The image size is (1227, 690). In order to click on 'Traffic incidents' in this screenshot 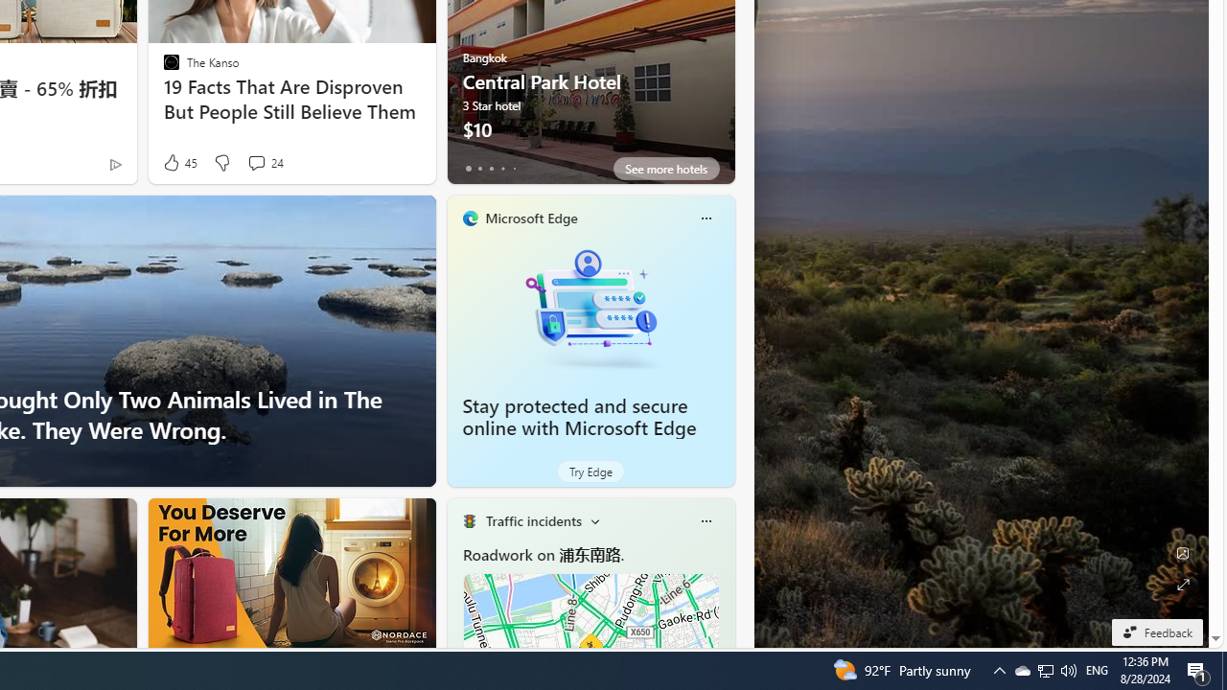, I will do `click(533, 520)`.